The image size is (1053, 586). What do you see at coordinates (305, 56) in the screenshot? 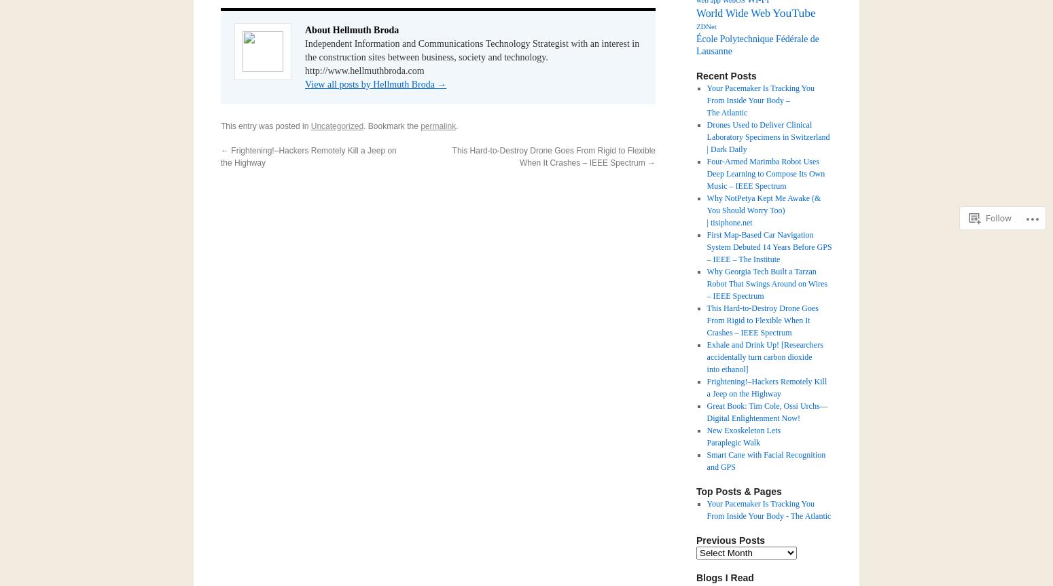
I see `'Independent Information and Communications Technology Strategist with an interest in the construction sites between business, society and technology. http://www.hellmuthbroda.com'` at bounding box center [305, 56].